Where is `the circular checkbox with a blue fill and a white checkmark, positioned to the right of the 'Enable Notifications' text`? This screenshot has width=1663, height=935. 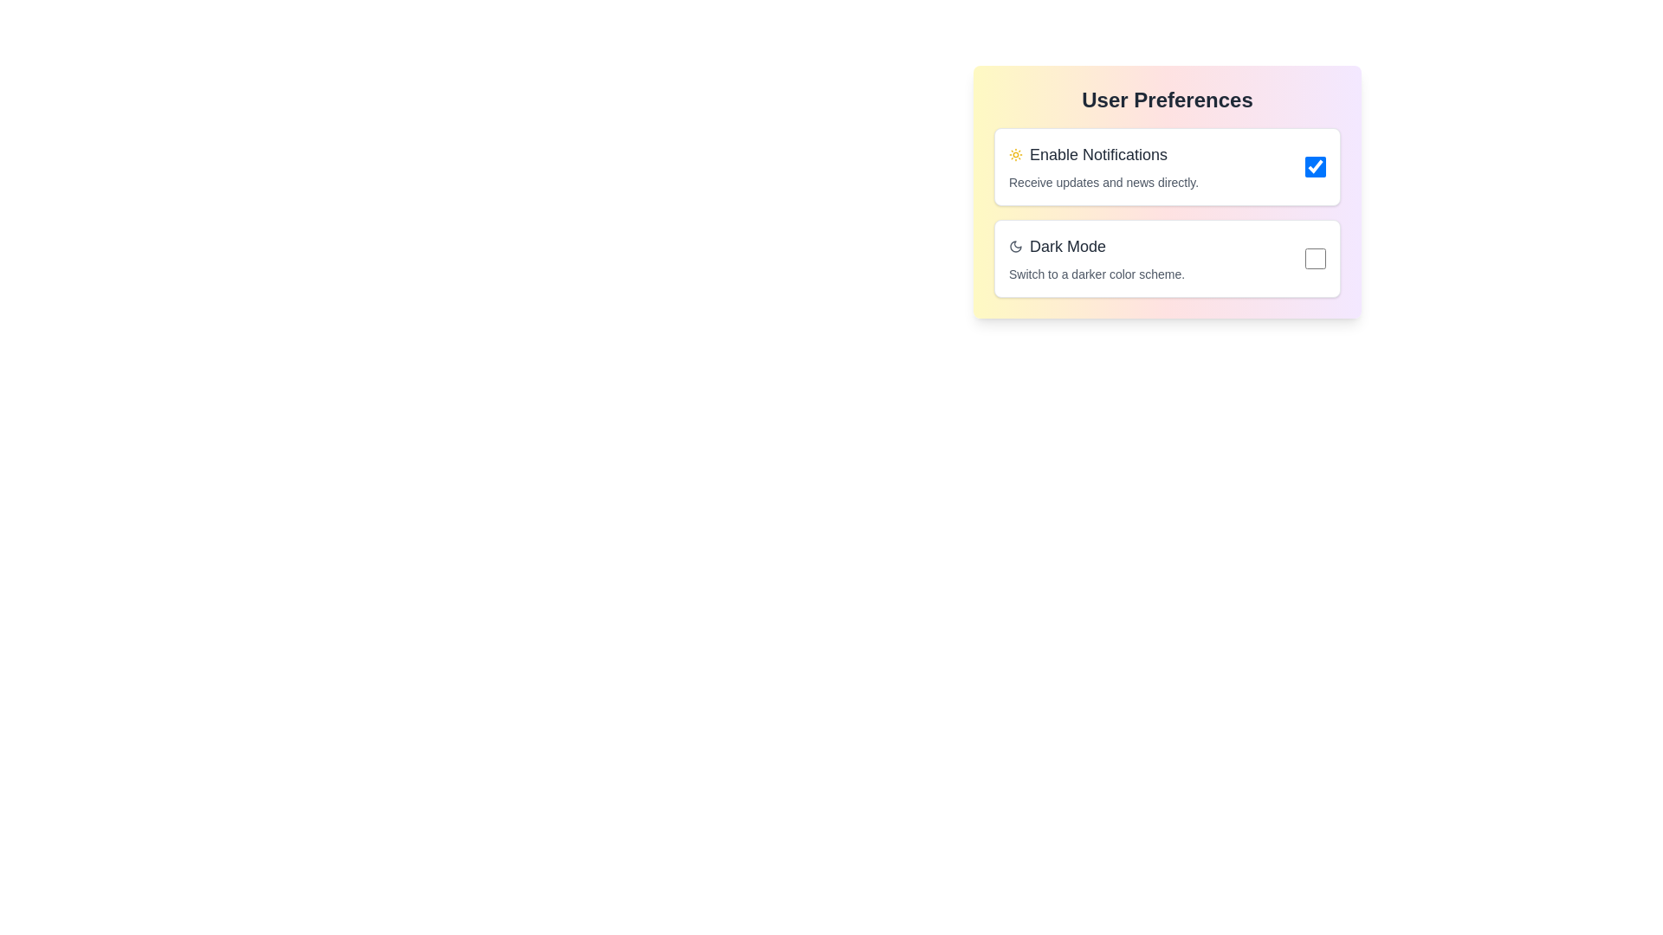
the circular checkbox with a blue fill and a white checkmark, positioned to the right of the 'Enable Notifications' text is located at coordinates (1315, 166).